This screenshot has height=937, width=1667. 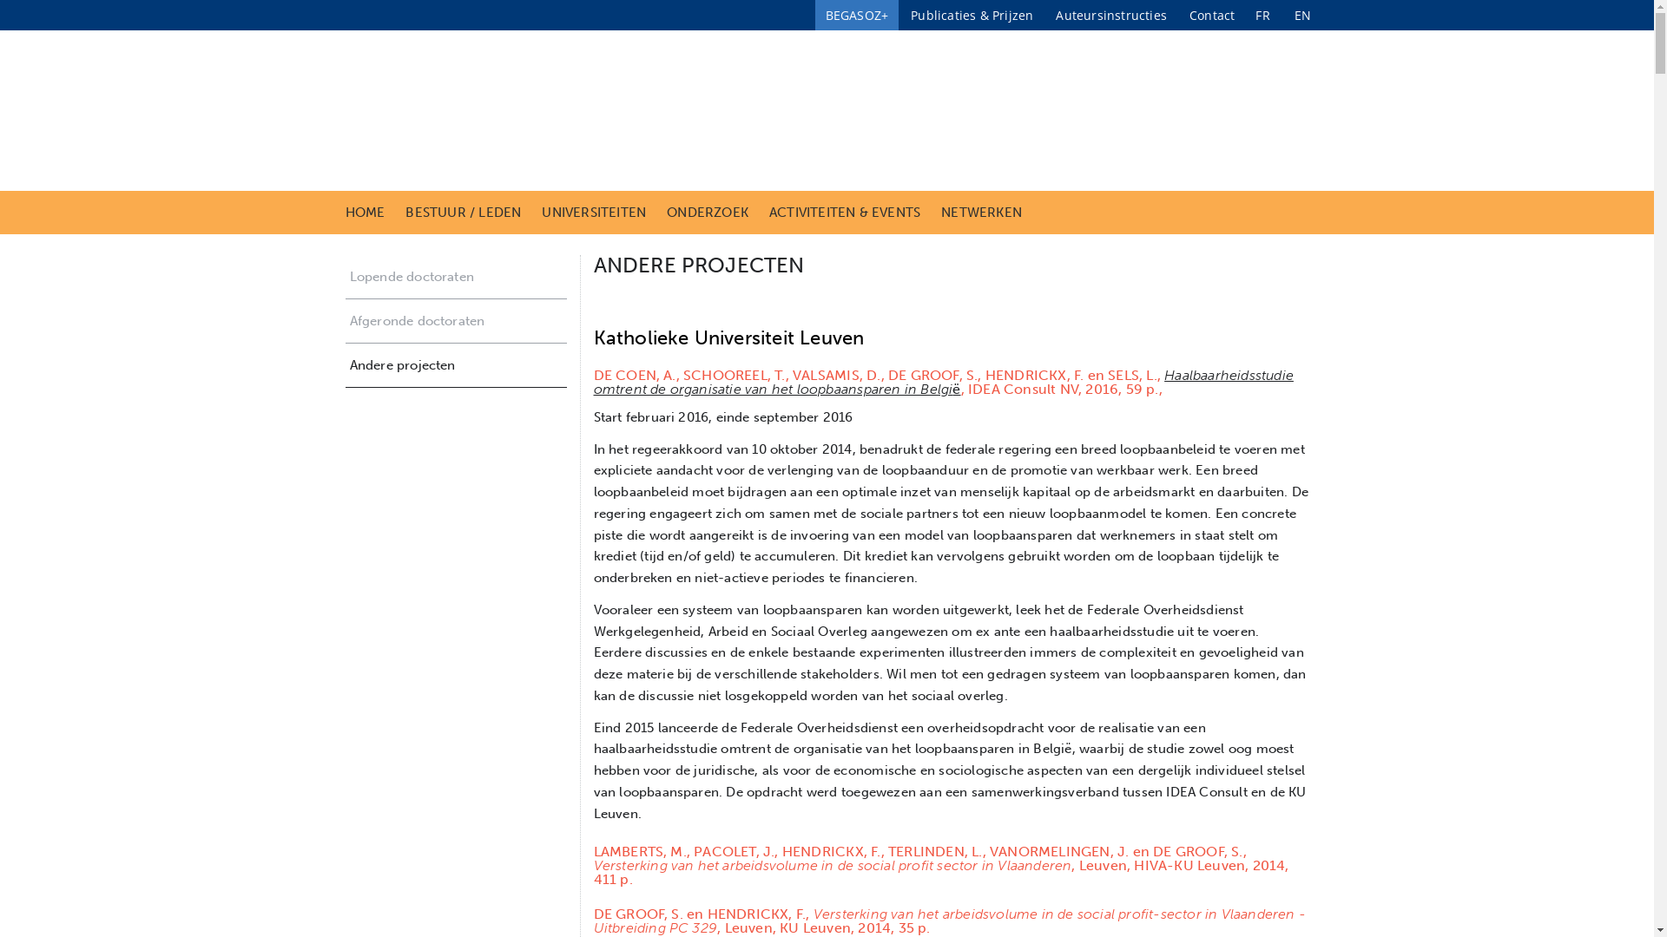 I want to click on 'ACTIVITEITEN & EVENTS', so click(x=845, y=212).